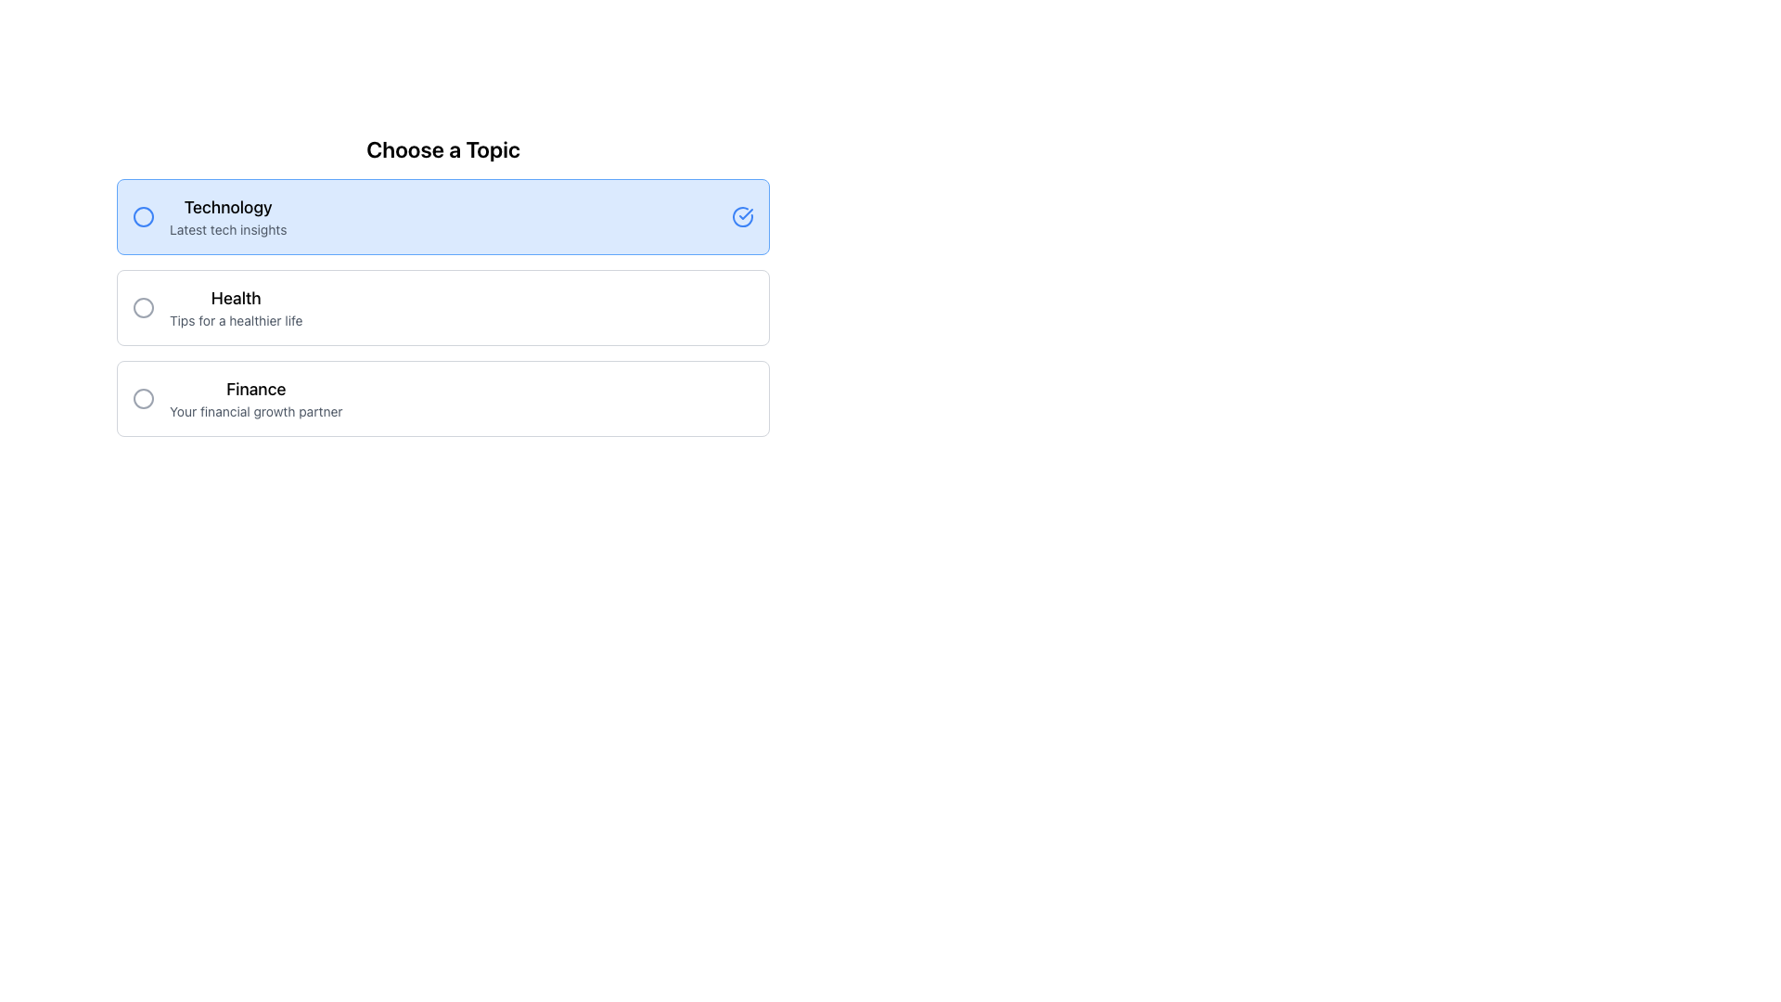 The image size is (1781, 1002). I want to click on the circular blue checkmark icon indicating correctness, located at the far-right end of the 'Technology Latest tech insights' section, so click(743, 216).